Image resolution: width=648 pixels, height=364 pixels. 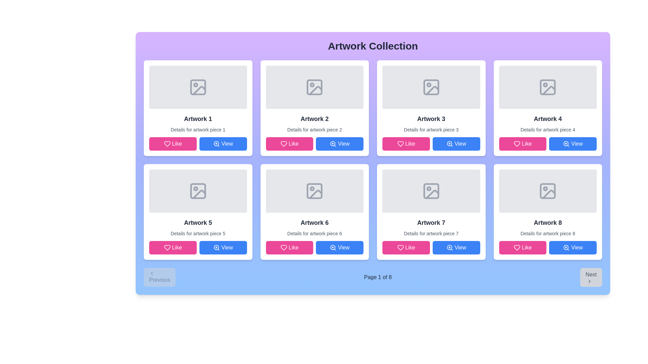 I want to click on the button associated with 'Artwork 4' to change its appearance, so click(x=572, y=144).